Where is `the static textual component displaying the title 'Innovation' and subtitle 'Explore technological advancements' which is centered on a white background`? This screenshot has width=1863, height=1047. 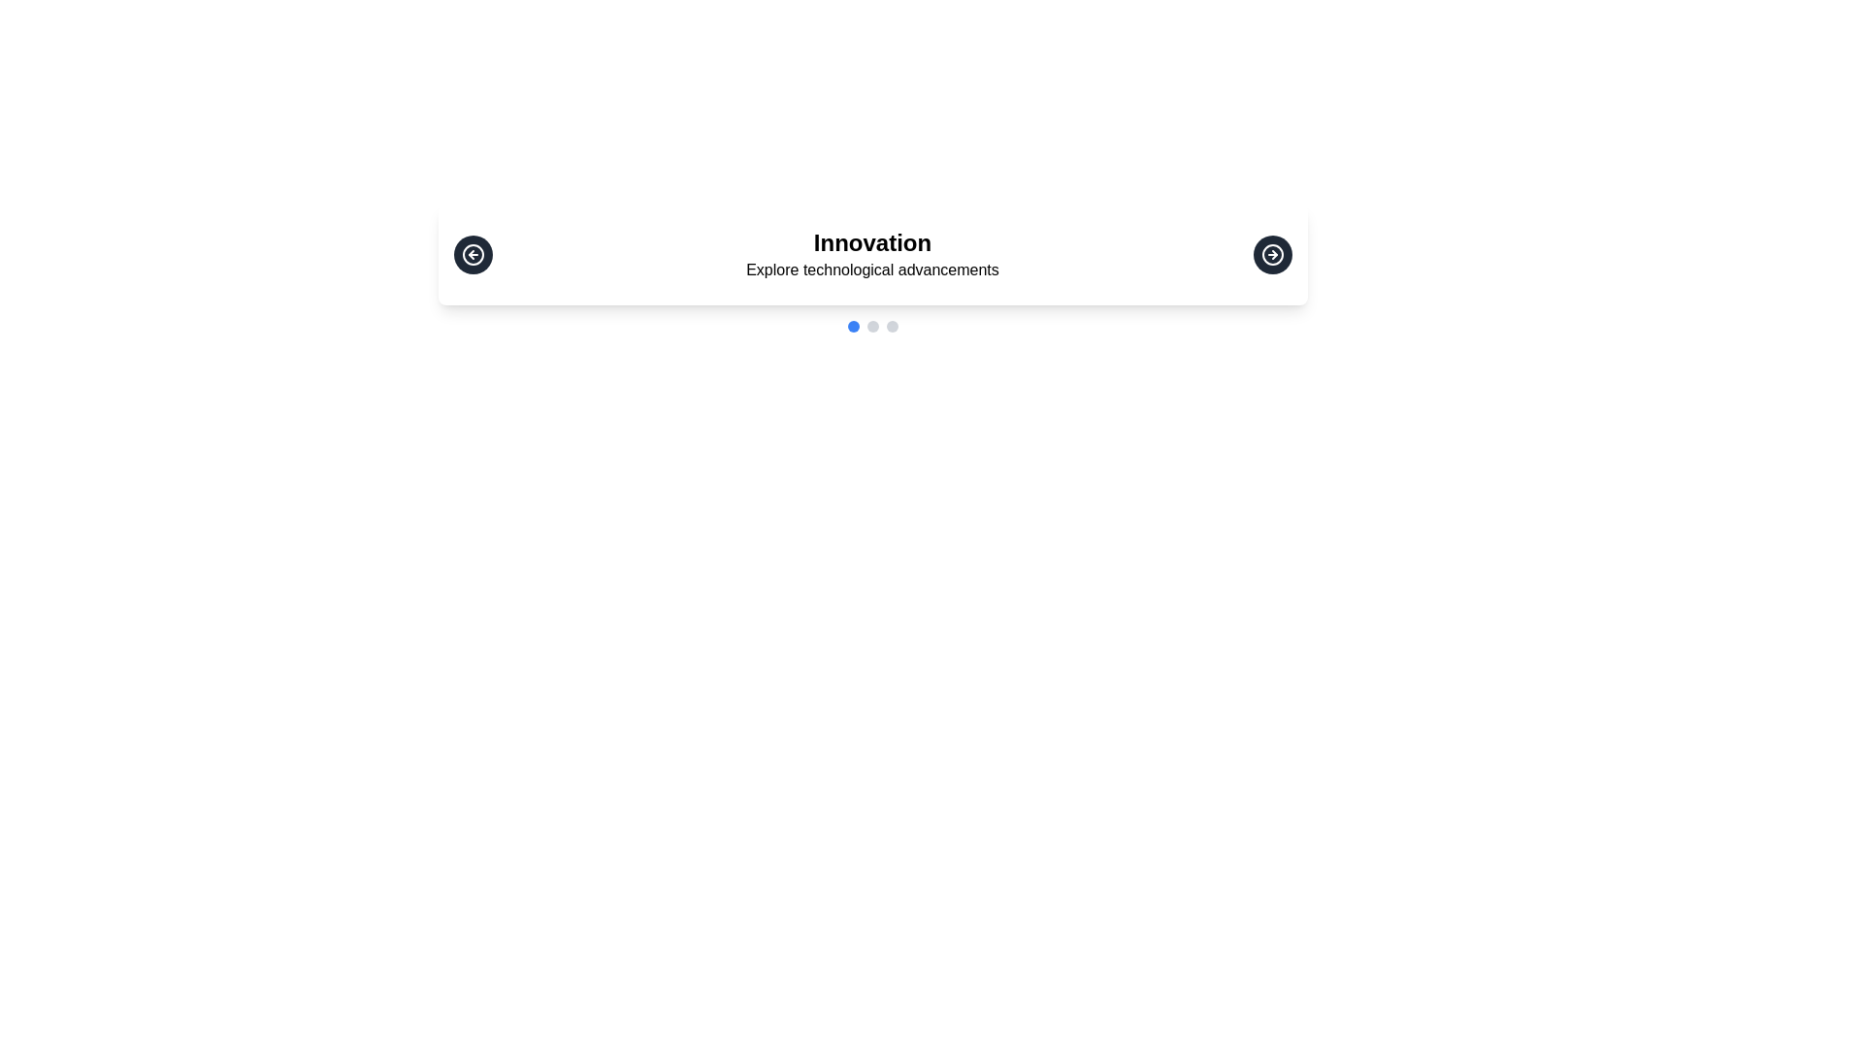 the static textual component displaying the title 'Innovation' and subtitle 'Explore technological advancements' which is centered on a white background is located at coordinates (871, 253).